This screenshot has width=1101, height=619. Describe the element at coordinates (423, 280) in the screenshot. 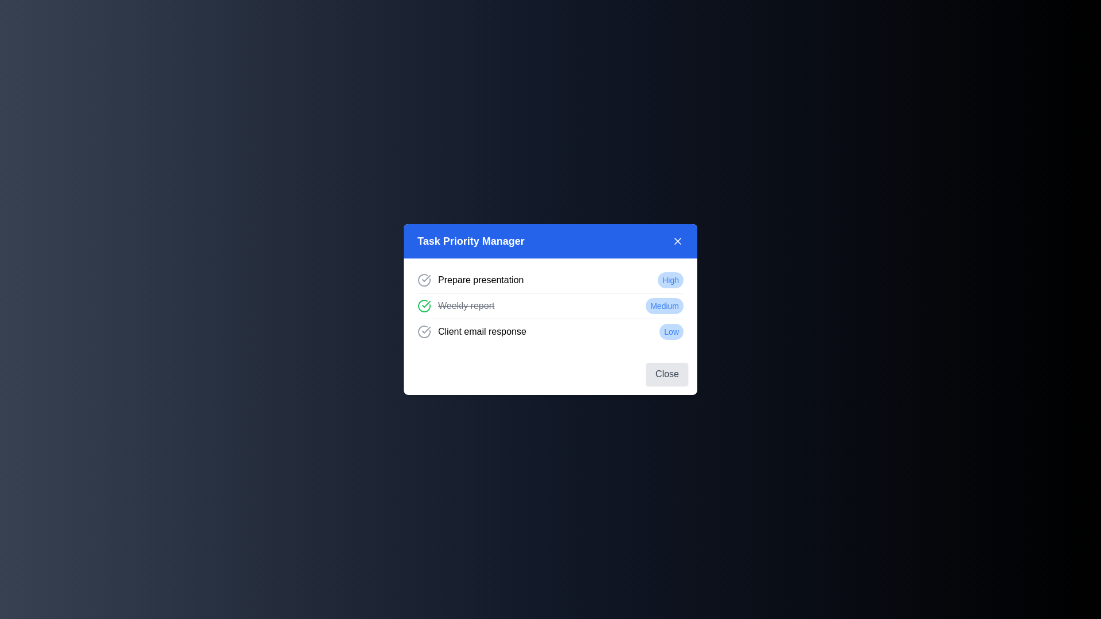

I see `the circular checkmark icon button` at that location.